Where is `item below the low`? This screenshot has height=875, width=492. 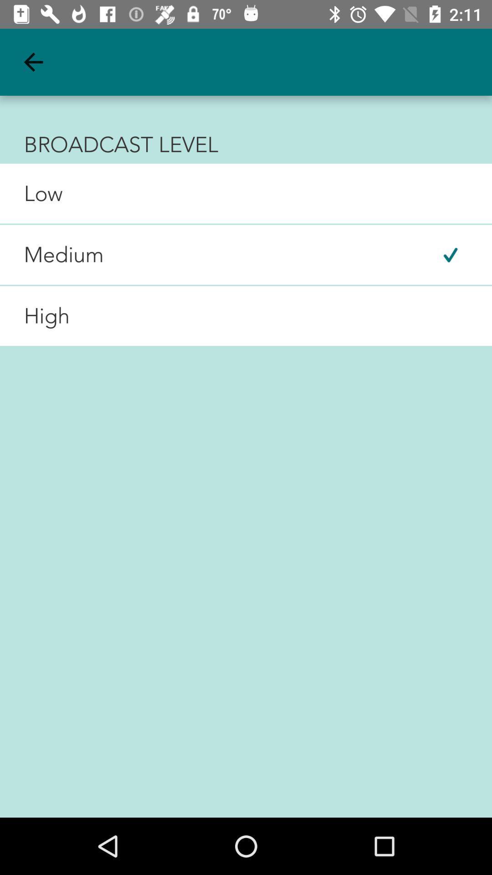 item below the low is located at coordinates (52, 255).